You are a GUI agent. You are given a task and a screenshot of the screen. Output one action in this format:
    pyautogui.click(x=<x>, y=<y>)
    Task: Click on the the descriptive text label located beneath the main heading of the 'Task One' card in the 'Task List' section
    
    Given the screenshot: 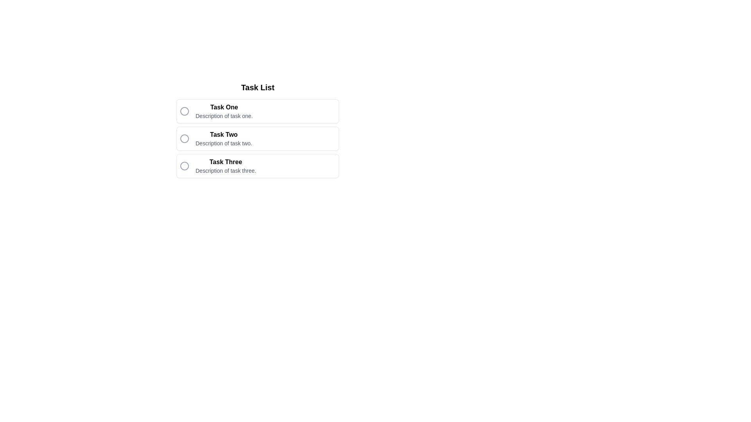 What is the action you would take?
    pyautogui.click(x=224, y=116)
    